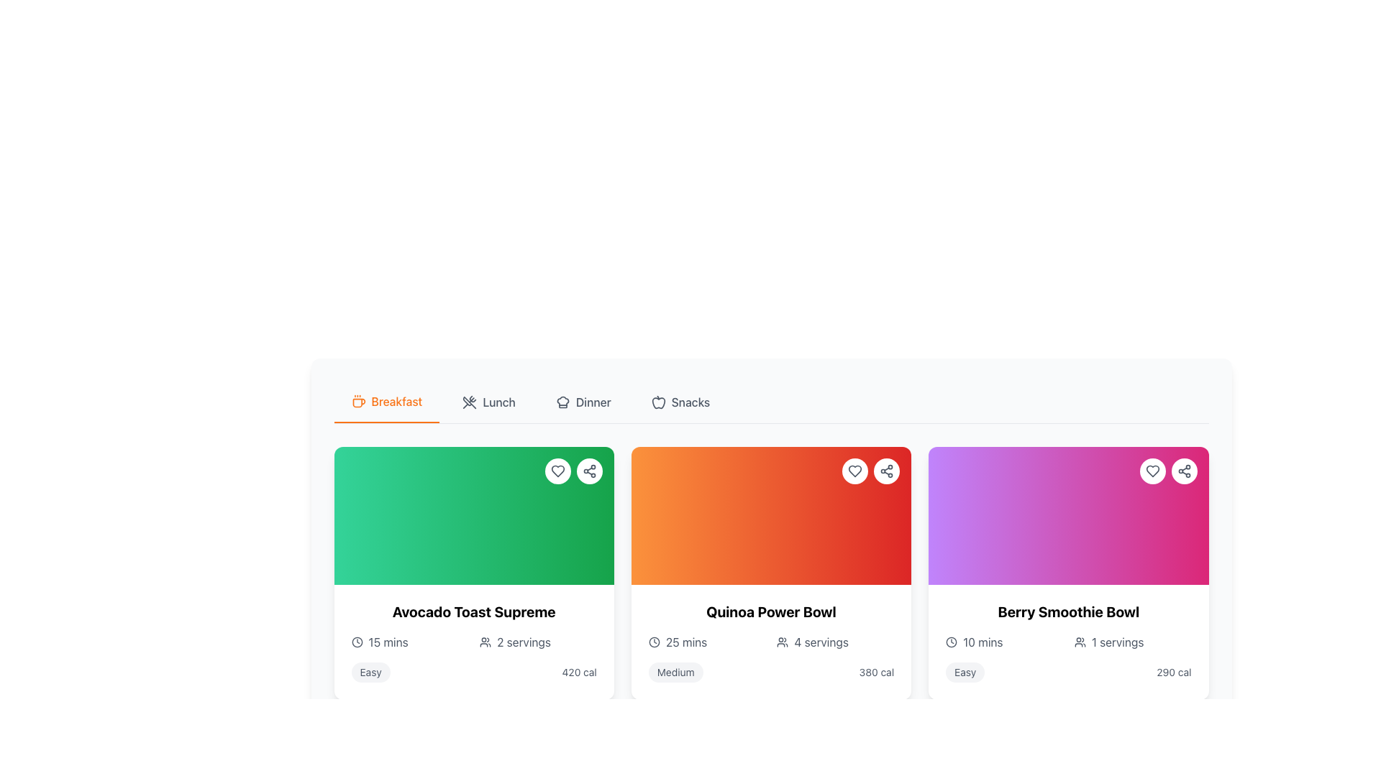 The image size is (1381, 776). I want to click on the 'Breakfast' menu option in the horizontal navigation menu, so click(770, 402).